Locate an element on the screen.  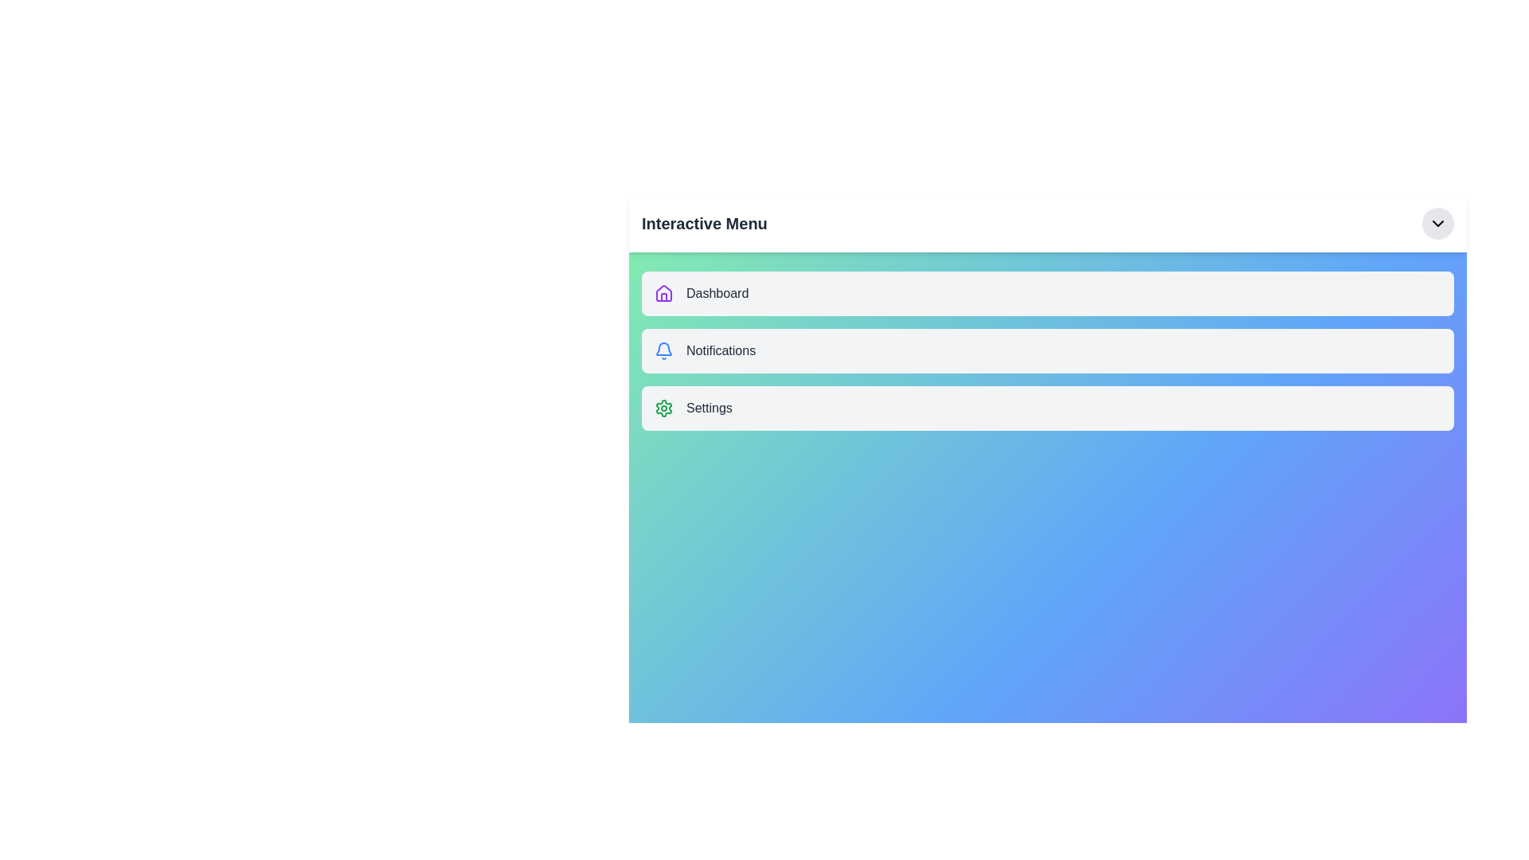
the menu item Settings to observe its hover effect is located at coordinates (1047, 408).